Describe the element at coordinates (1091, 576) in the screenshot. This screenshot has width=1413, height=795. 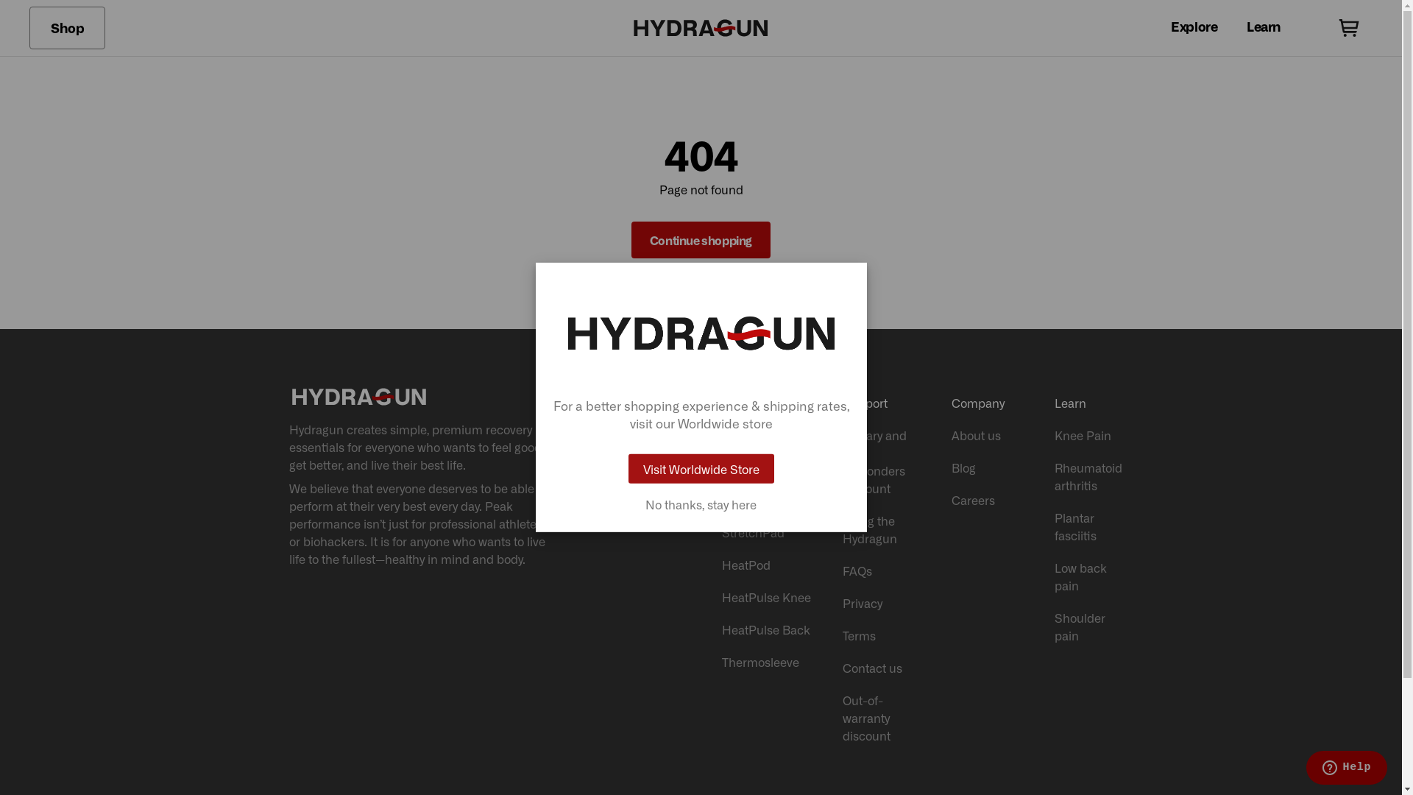
I see `'Low back pain'` at that location.